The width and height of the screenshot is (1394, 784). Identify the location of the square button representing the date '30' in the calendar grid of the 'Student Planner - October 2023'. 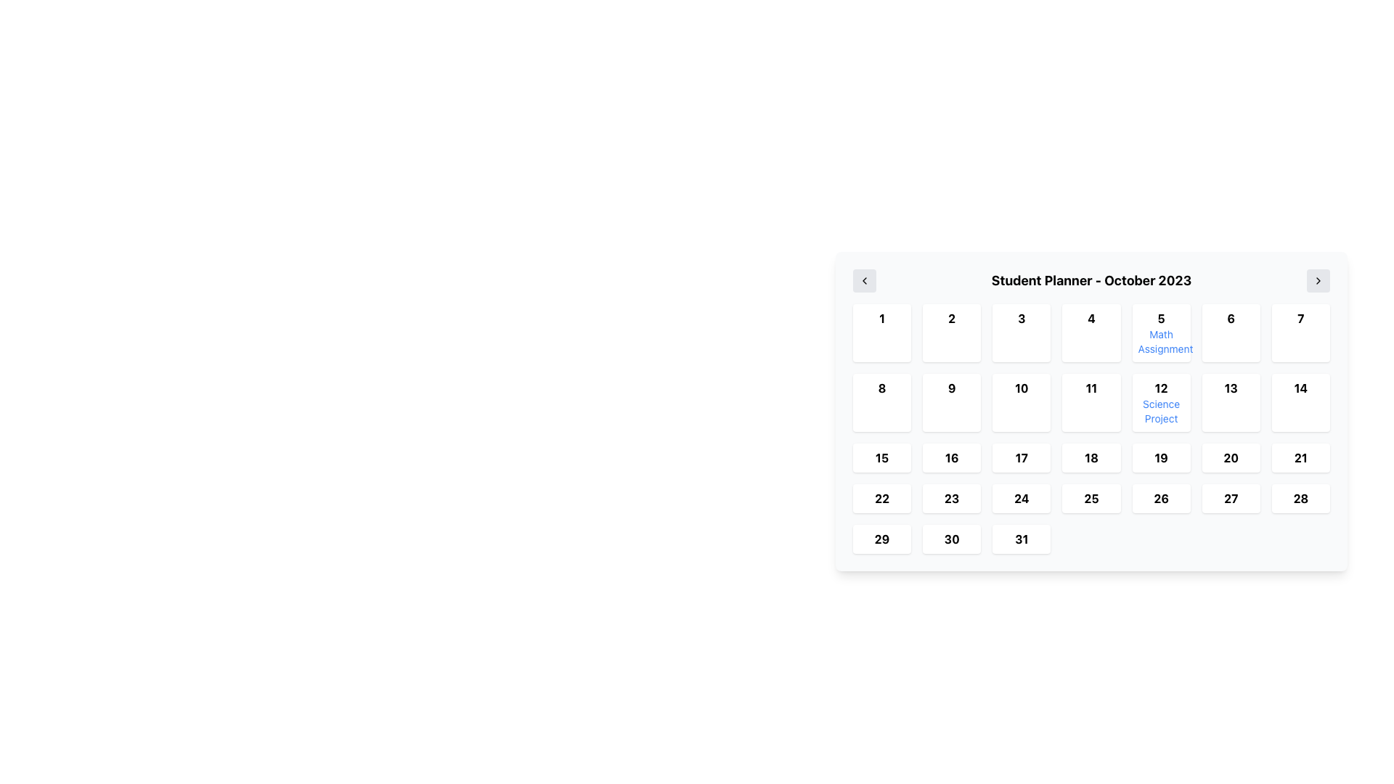
(952, 539).